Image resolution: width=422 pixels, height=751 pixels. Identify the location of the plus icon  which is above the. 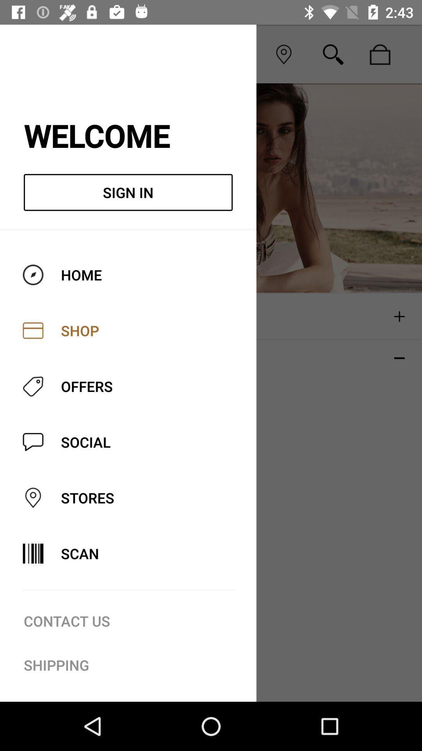
(399, 316).